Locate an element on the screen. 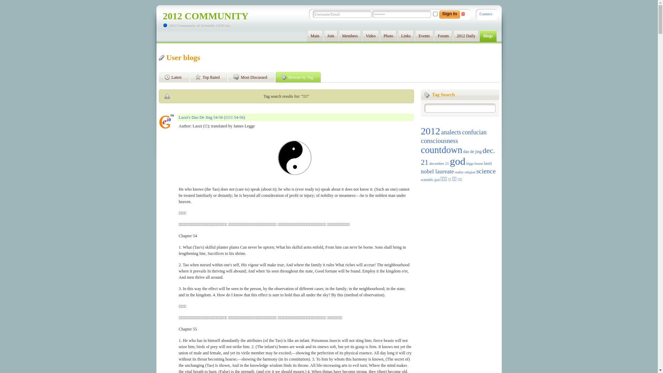 The width and height of the screenshot is (663, 373). 'Video' is located at coordinates (370, 36).